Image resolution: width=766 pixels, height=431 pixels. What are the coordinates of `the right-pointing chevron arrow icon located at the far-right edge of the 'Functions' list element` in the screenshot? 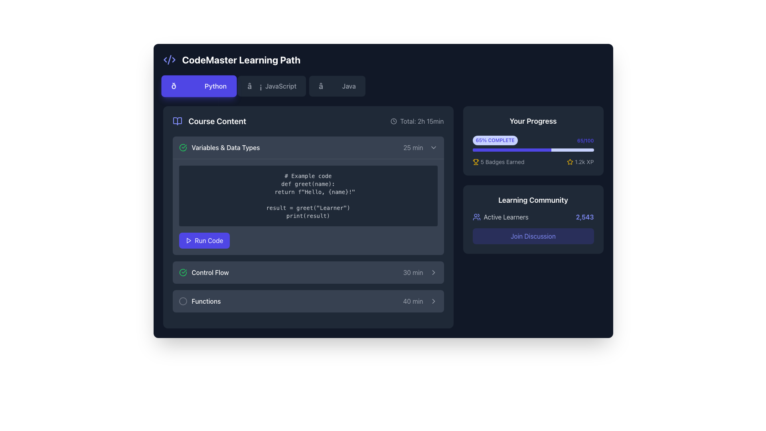 It's located at (433, 301).